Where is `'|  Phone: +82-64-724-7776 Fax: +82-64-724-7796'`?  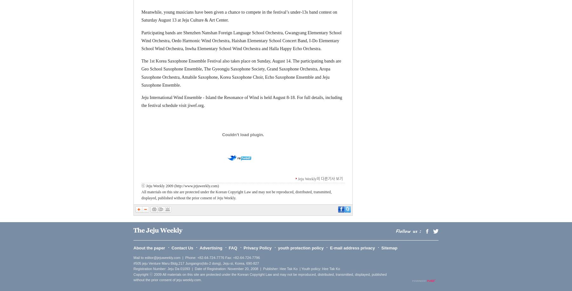
'|  Phone: +82-64-724-7776 Fax: +82-64-724-7796' is located at coordinates (219, 257).